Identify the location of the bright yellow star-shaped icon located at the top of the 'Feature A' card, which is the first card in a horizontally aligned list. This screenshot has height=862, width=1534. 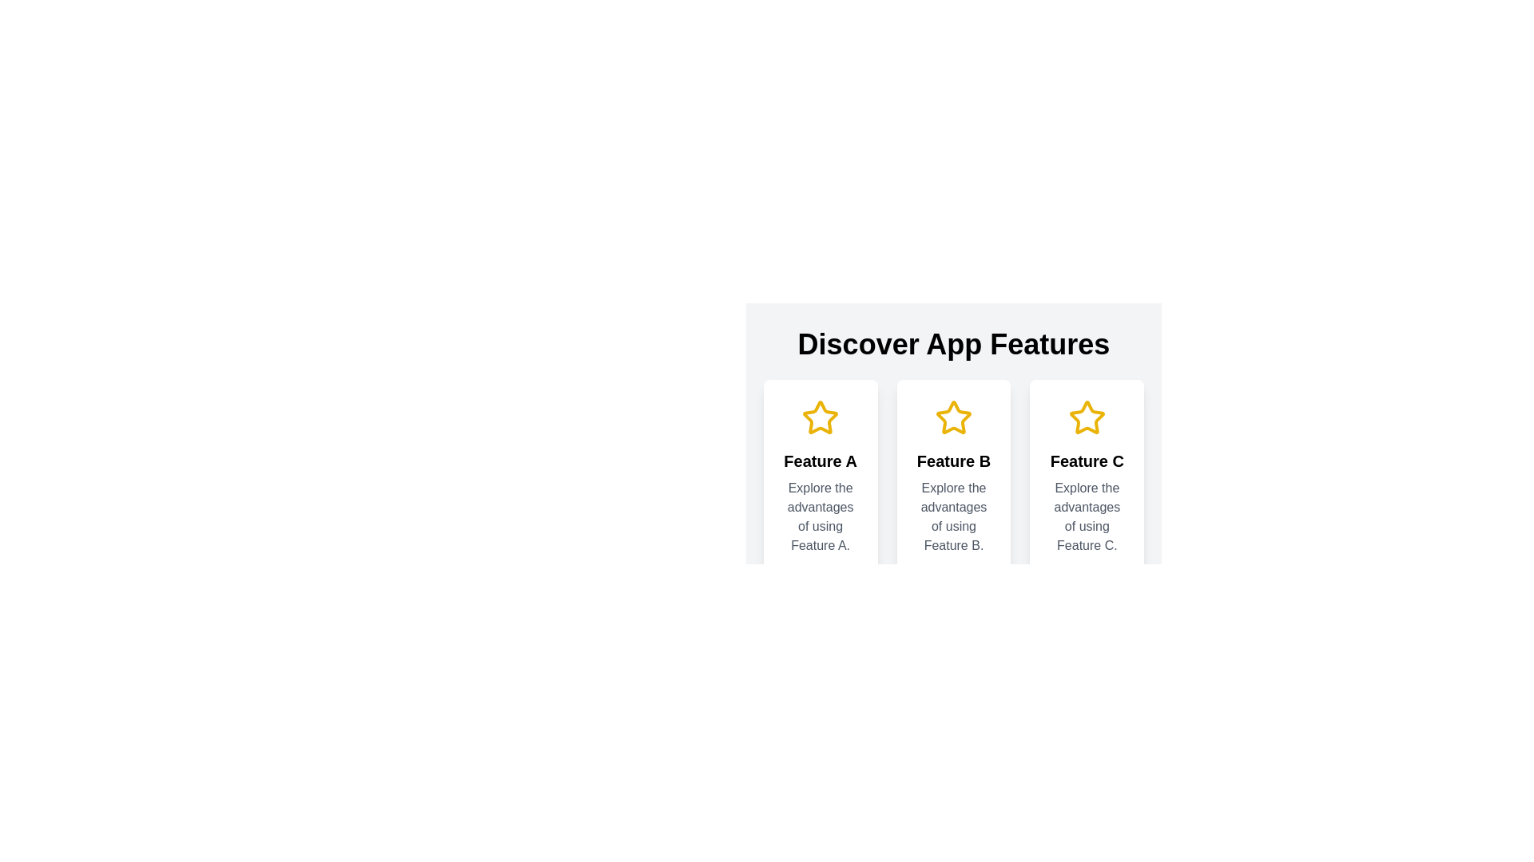
(821, 417).